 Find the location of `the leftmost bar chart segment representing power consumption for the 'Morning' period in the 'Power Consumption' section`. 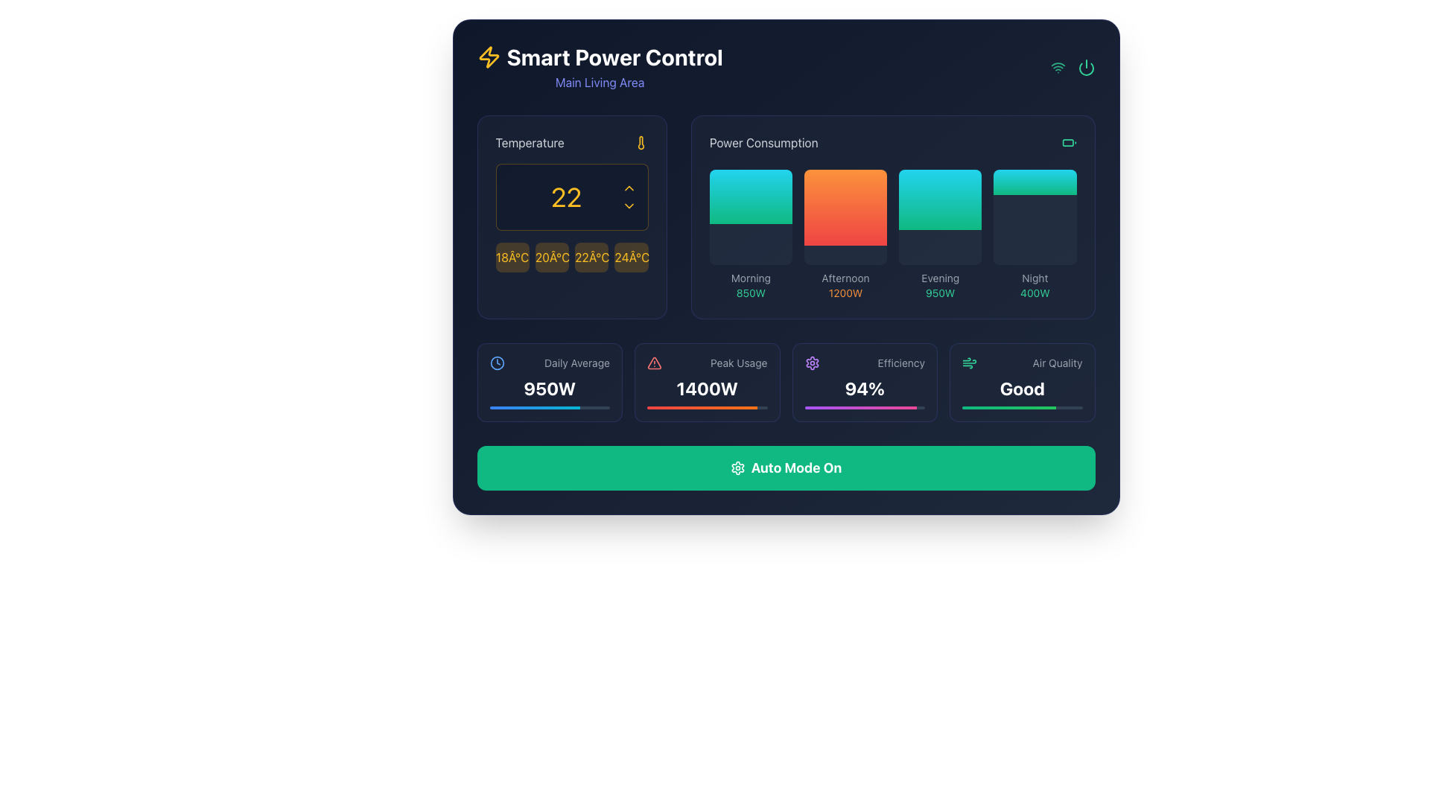

the leftmost bar chart segment representing power consumption for the 'Morning' period in the 'Power Consumption' section is located at coordinates (751, 217).